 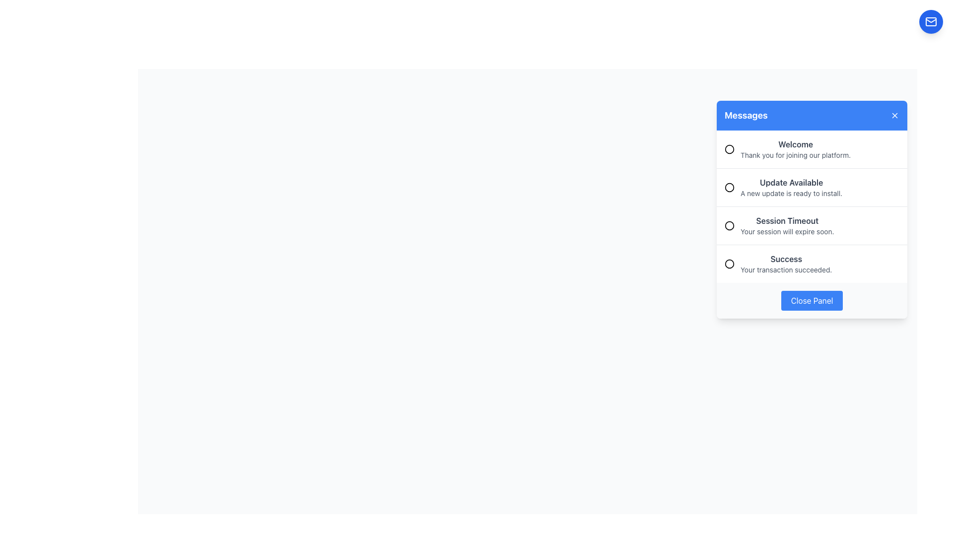 I want to click on the SVG Rectangle Element that serves as the body of the envelope icon located in the top-right corner of the interface, so click(x=931, y=21).